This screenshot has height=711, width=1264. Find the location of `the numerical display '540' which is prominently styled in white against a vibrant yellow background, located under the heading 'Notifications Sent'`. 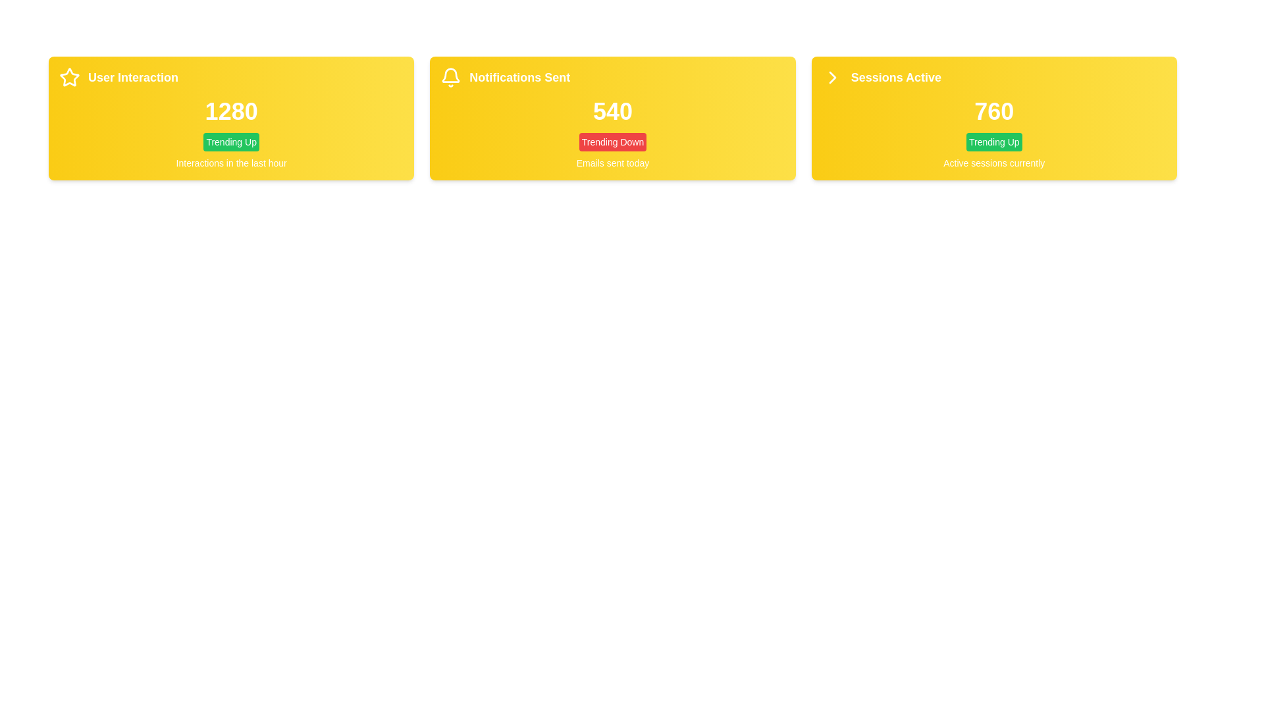

the numerical display '540' which is prominently styled in white against a vibrant yellow background, located under the heading 'Notifications Sent' is located at coordinates (612, 111).